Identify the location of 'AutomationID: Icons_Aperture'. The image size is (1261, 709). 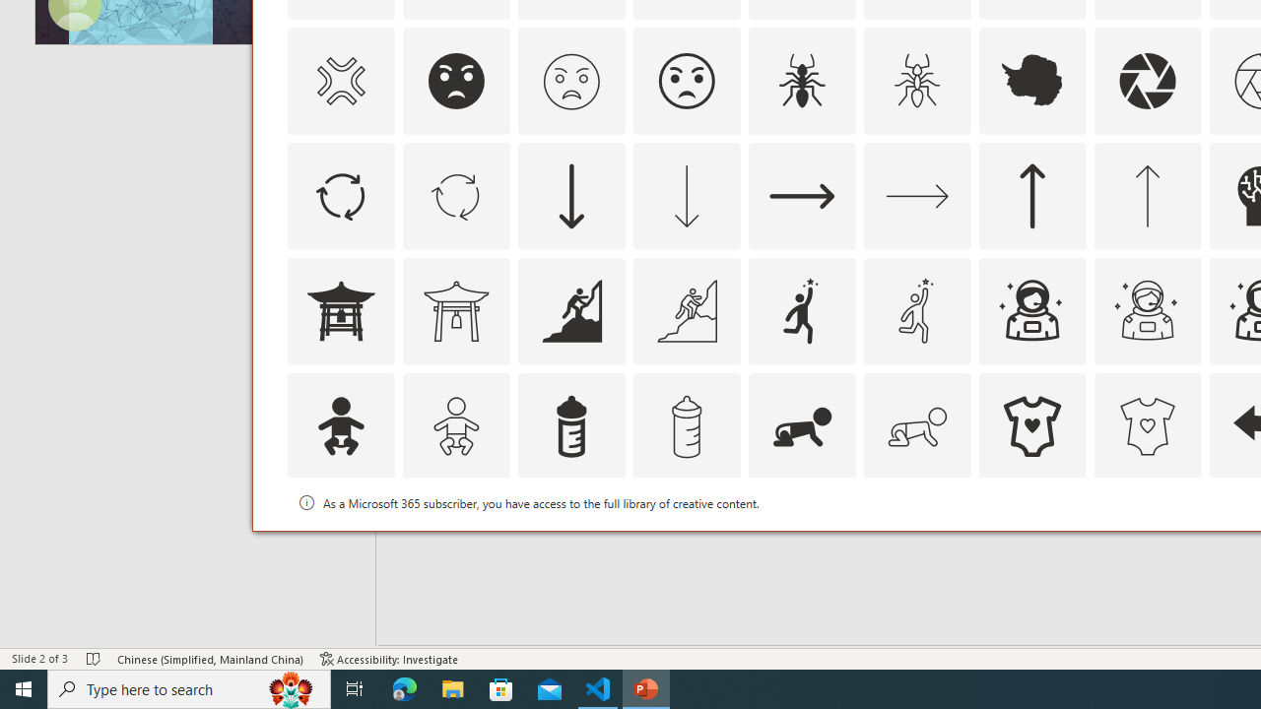
(1147, 80).